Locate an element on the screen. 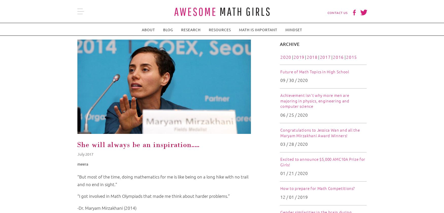 The image size is (444, 213). 'meera' is located at coordinates (83, 164).